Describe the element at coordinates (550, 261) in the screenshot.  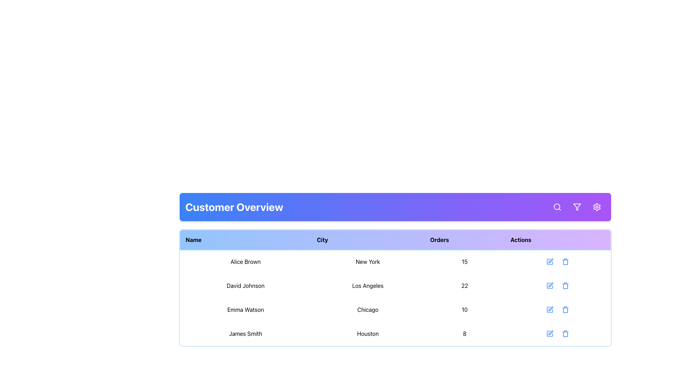
I see `the edit button in the Actions column for the entry of 'Alice Brown'` at that location.